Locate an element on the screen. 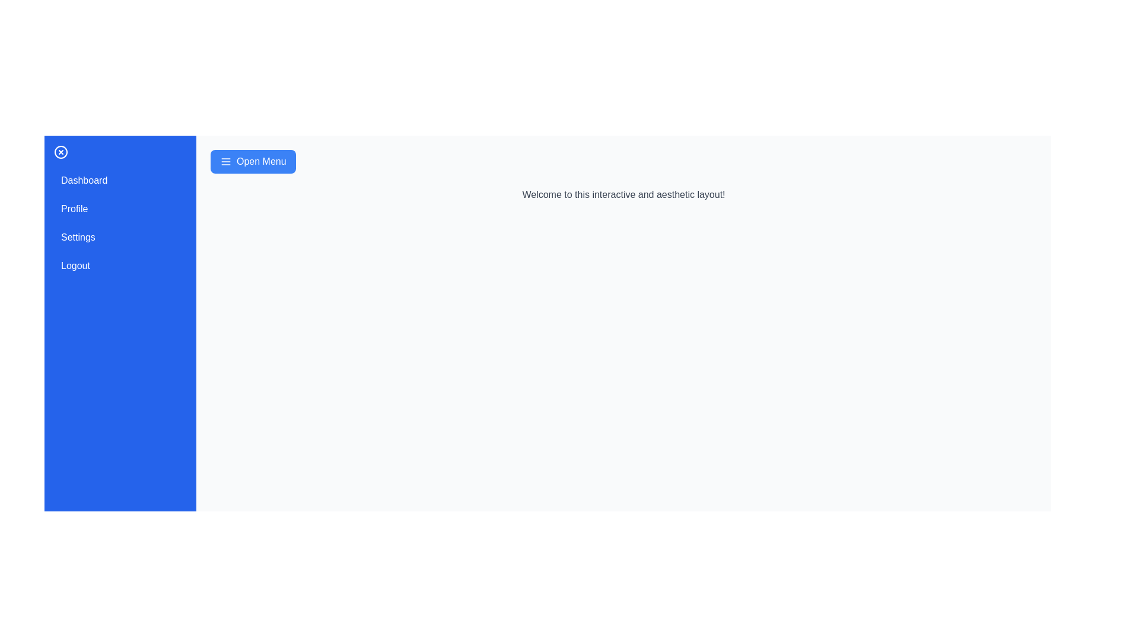 The width and height of the screenshot is (1139, 640). the menu item Logout in the sidebar is located at coordinates (120, 265).